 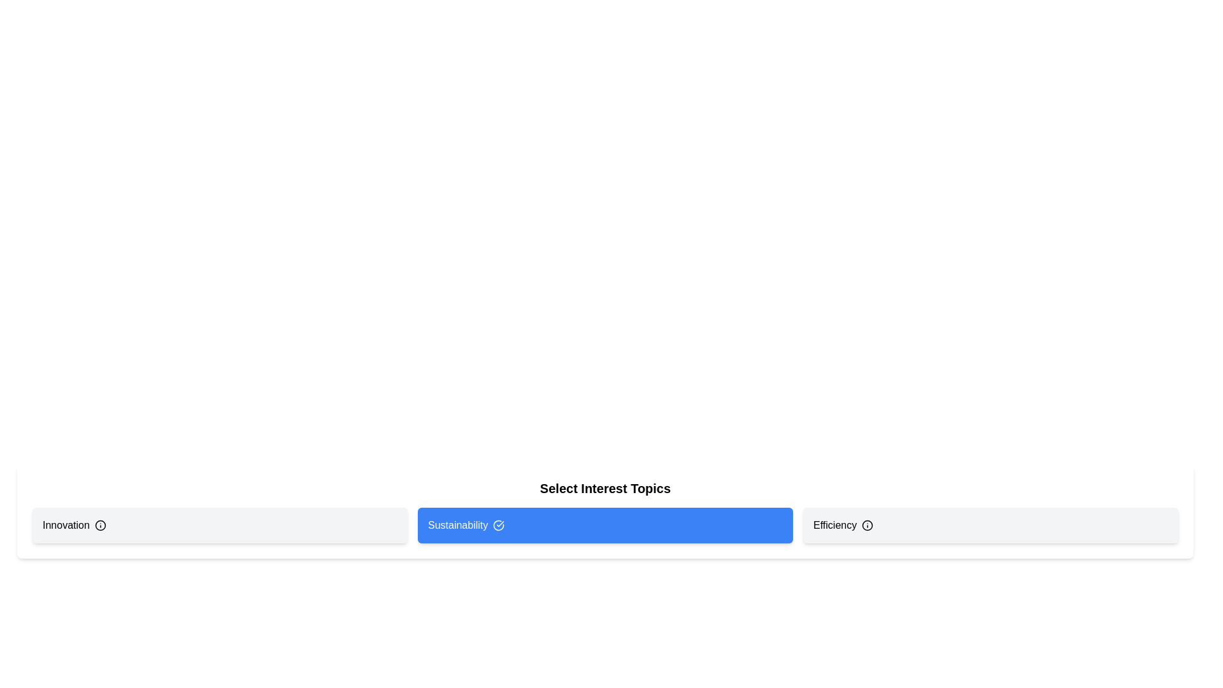 What do you see at coordinates (220, 526) in the screenshot?
I see `the tag Innovation to observe its hover state or tooltip` at bounding box center [220, 526].